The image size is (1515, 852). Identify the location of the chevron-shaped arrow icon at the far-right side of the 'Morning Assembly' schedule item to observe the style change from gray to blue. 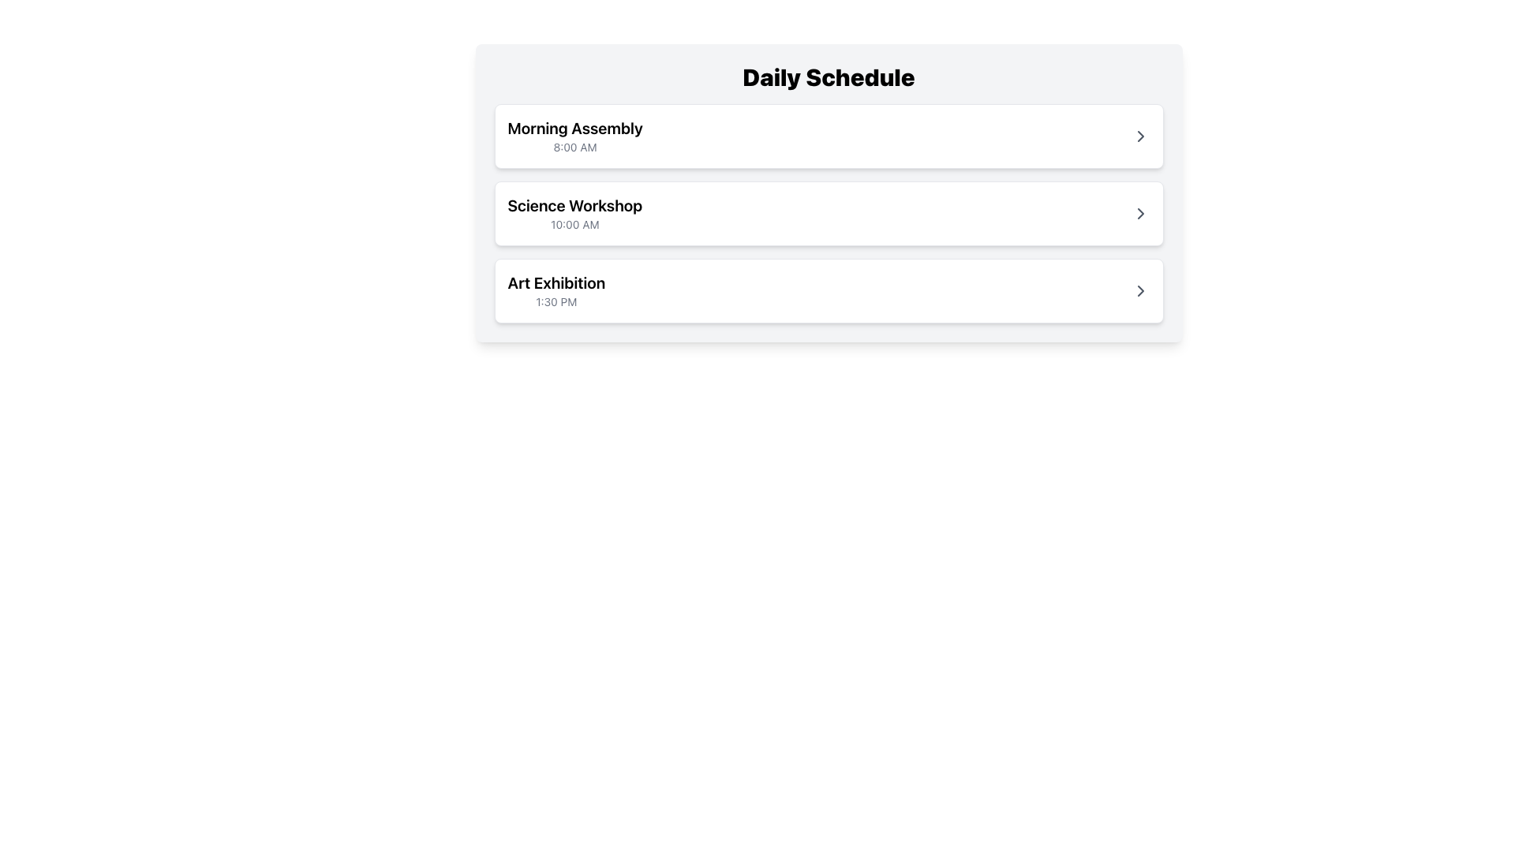
(1140, 136).